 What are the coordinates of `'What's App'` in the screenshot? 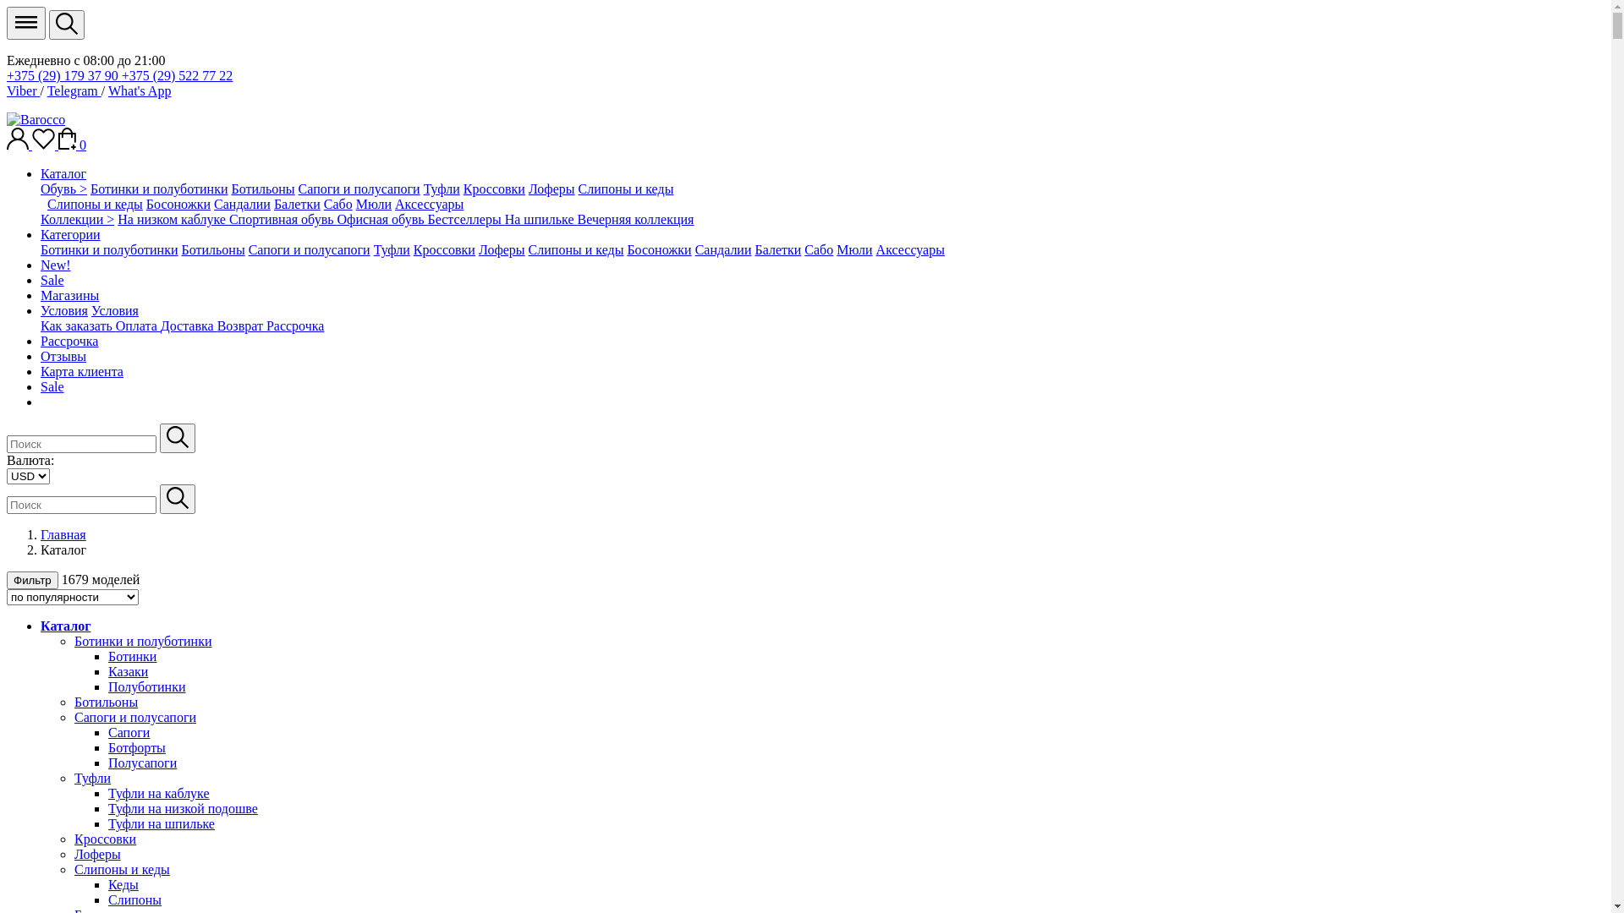 It's located at (139, 90).